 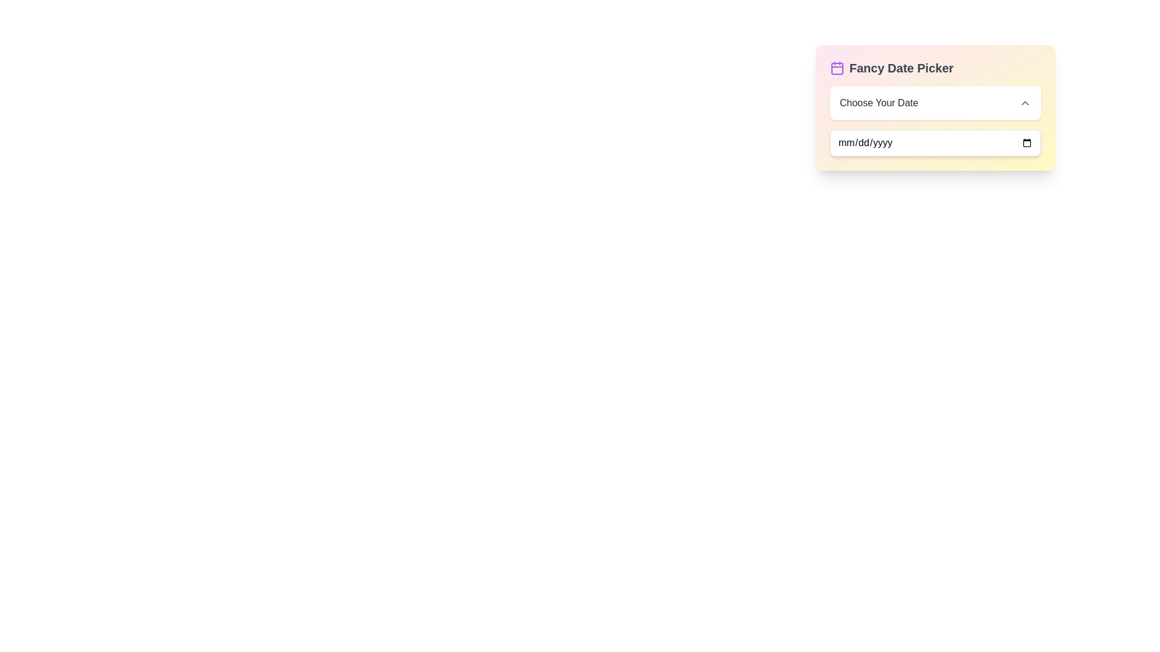 I want to click on the upward-pointing chevron icon located at the far-right of the 'Choose Your Date' text within the 'Fancy Date Picker' component, so click(x=1025, y=102).